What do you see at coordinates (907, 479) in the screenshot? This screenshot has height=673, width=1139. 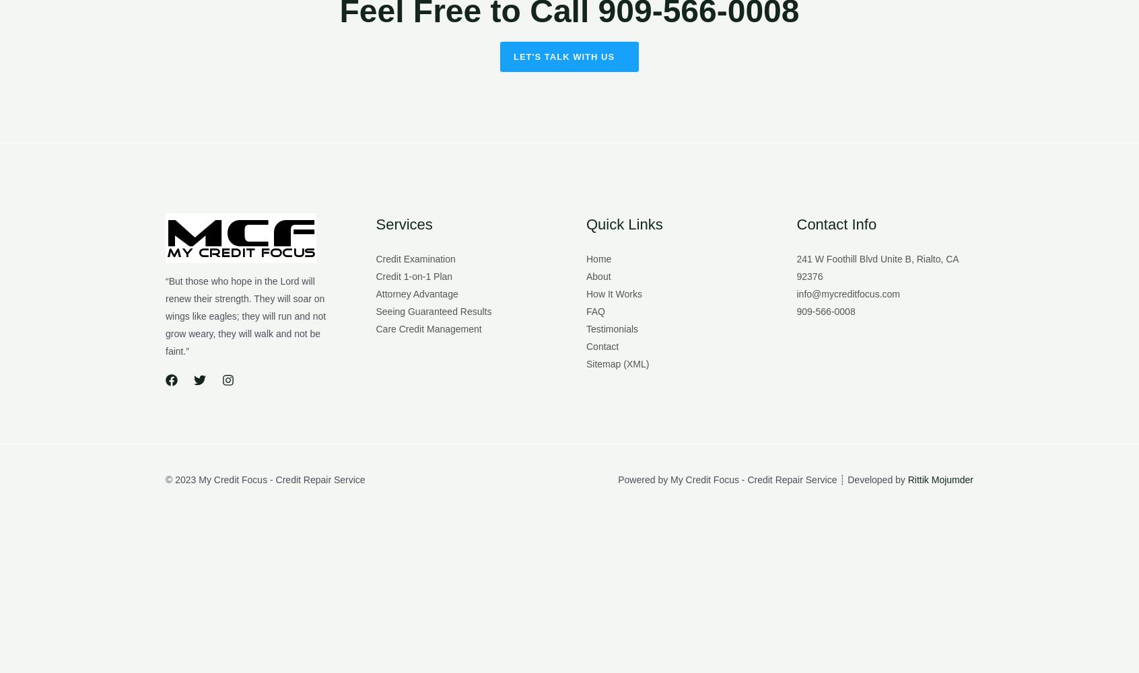 I see `'Rittik Mojumder'` at bounding box center [907, 479].